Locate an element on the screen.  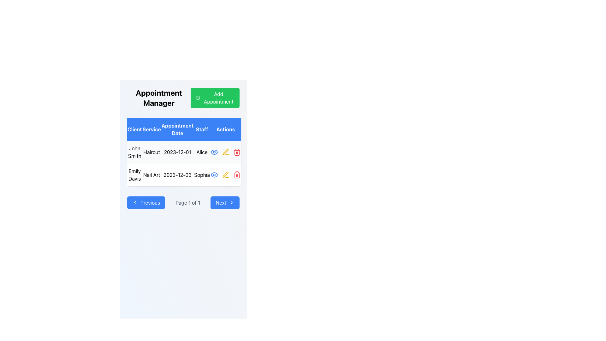
the Edit icon button located in the Actions column for the first row of the table, associated with Alice's Haircut service scheduled on 2023-12-01 to trigger the hover effect is located at coordinates (225, 152).